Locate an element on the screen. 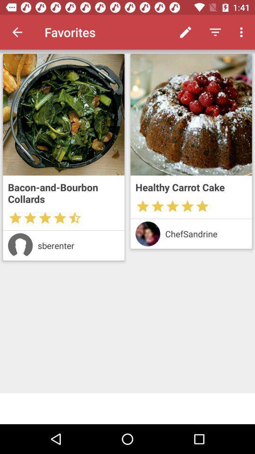 The image size is (255, 454). open healthy carrot cake recipe is located at coordinates (191, 114).